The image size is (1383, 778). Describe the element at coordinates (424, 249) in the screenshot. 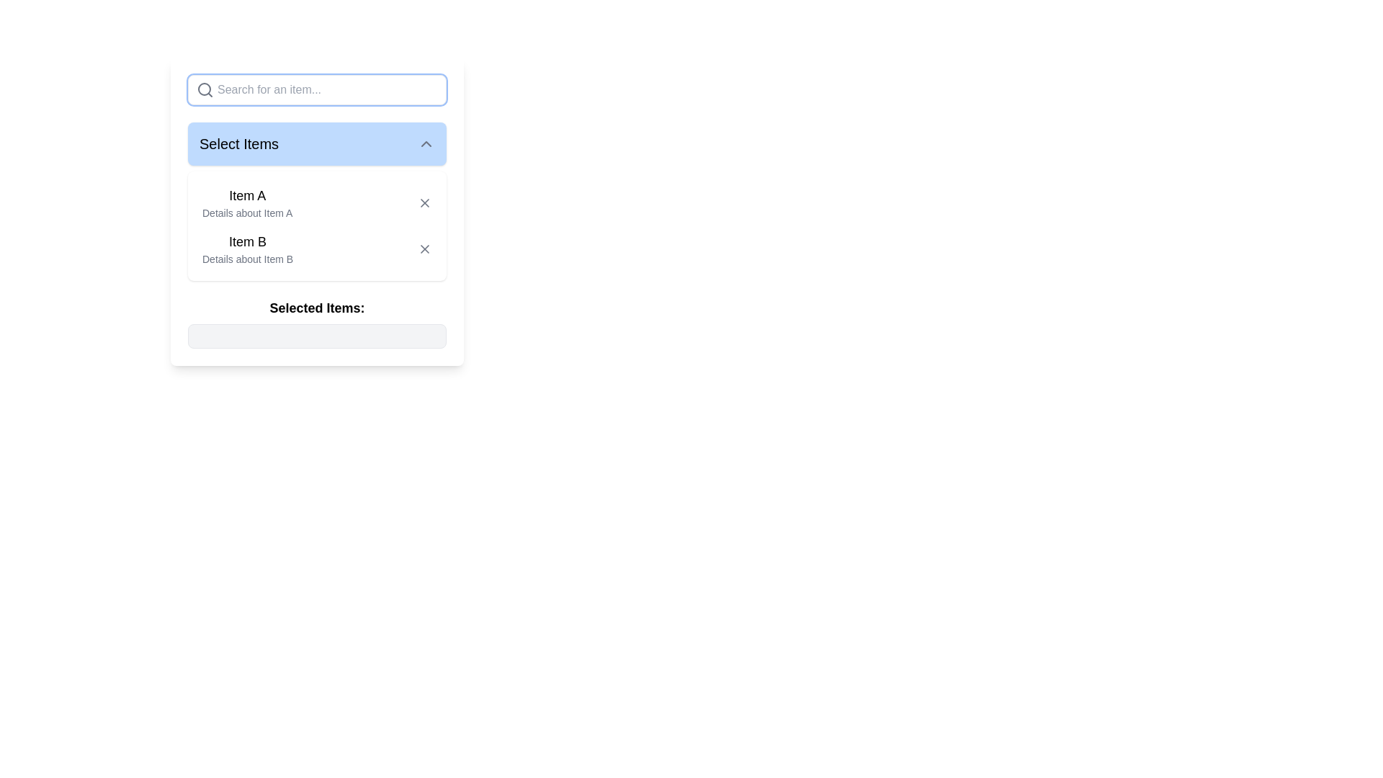

I see `the button on the right side of 'Item B'` at that location.